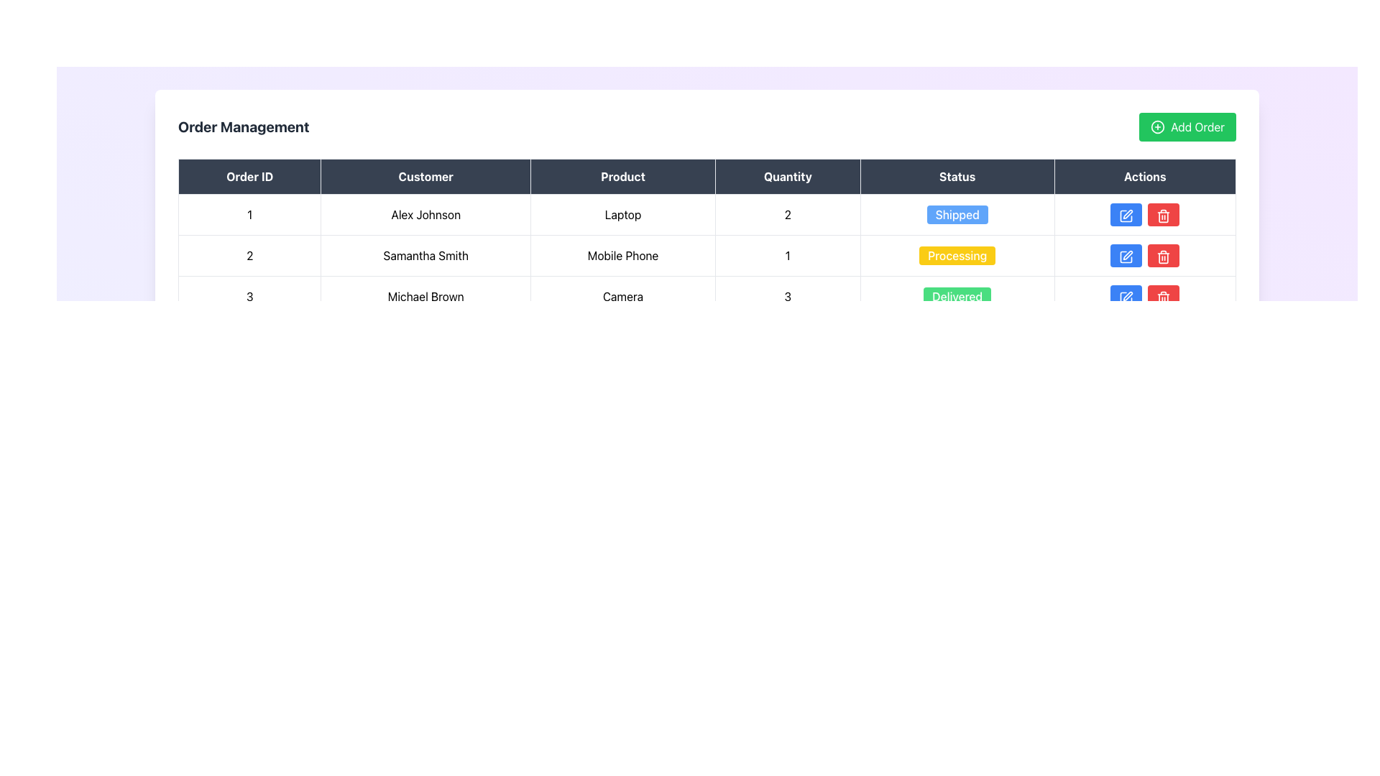 The height and width of the screenshot is (776, 1380). What do you see at coordinates (623, 176) in the screenshot?
I see `the 'Product' column header cell in the table, which is the third column header located between 'Customer' and 'Quantity'` at bounding box center [623, 176].